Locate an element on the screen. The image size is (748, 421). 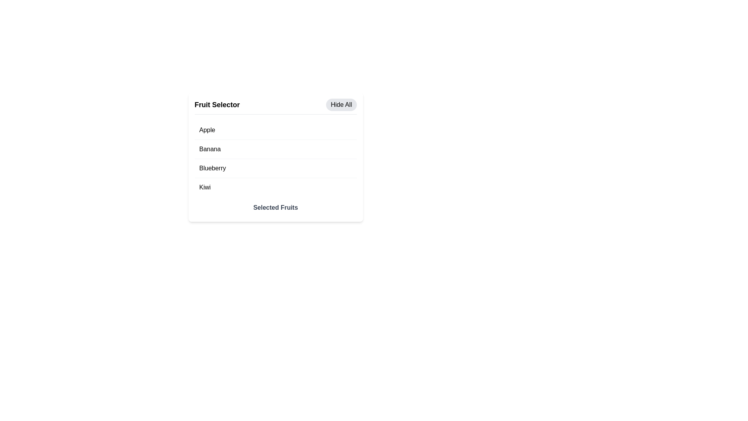
the static text label that serves as a title for the selected fruits, positioned at the bottom of the card, below the list of selectable fruits is located at coordinates (275, 209).